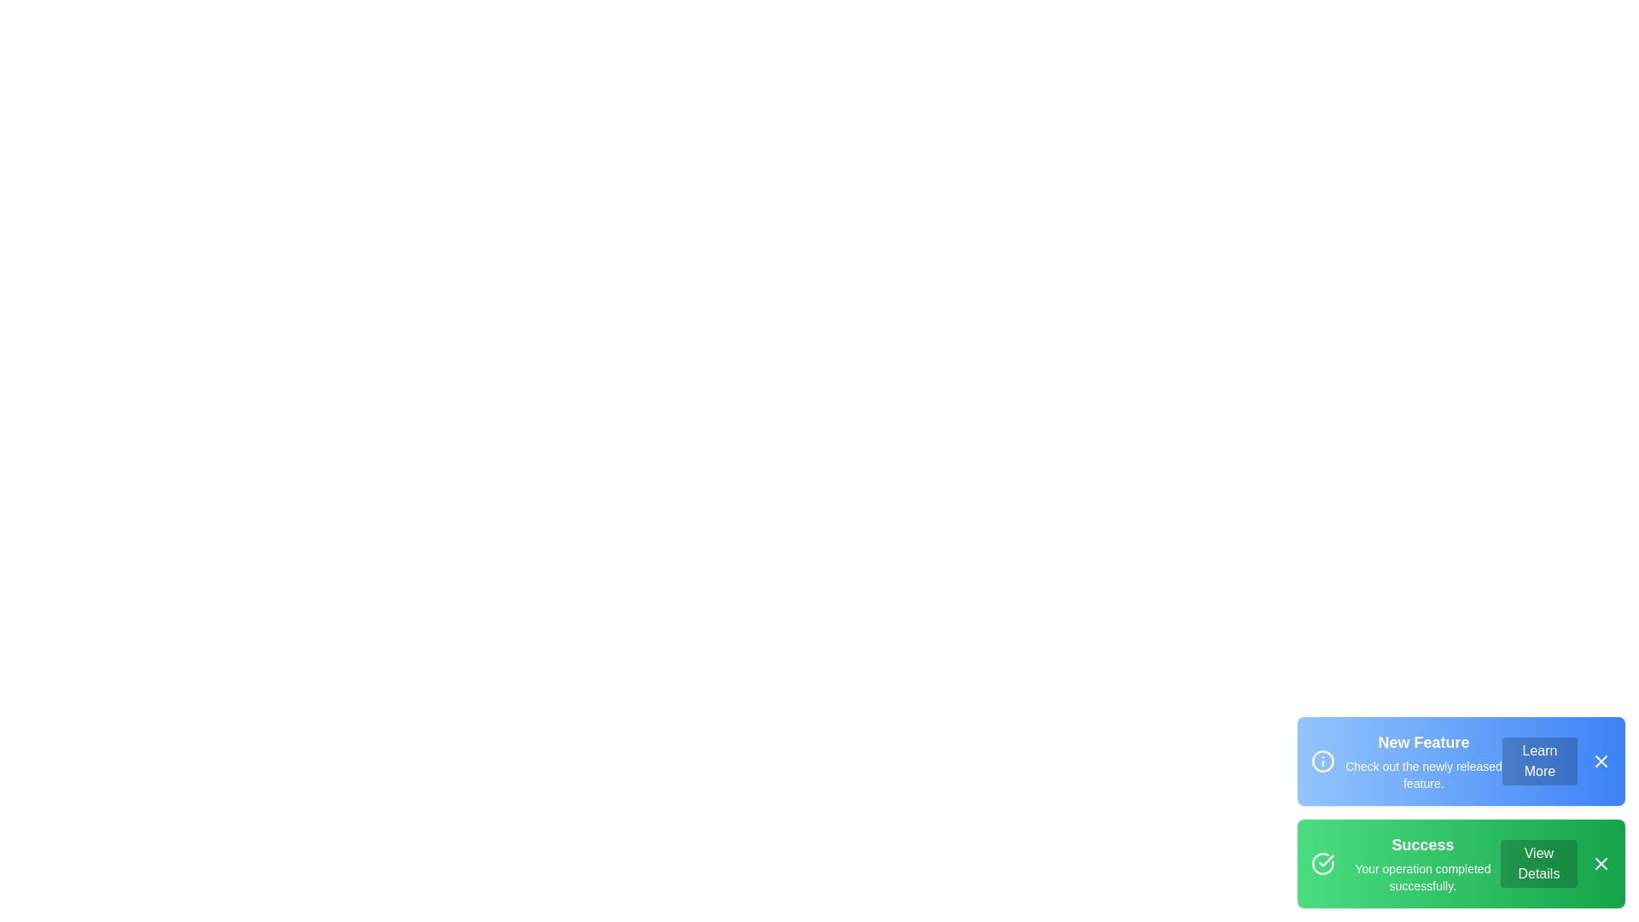  Describe the element at coordinates (1540, 760) in the screenshot. I see `the action button for the notification with title 'New Feature'` at that location.